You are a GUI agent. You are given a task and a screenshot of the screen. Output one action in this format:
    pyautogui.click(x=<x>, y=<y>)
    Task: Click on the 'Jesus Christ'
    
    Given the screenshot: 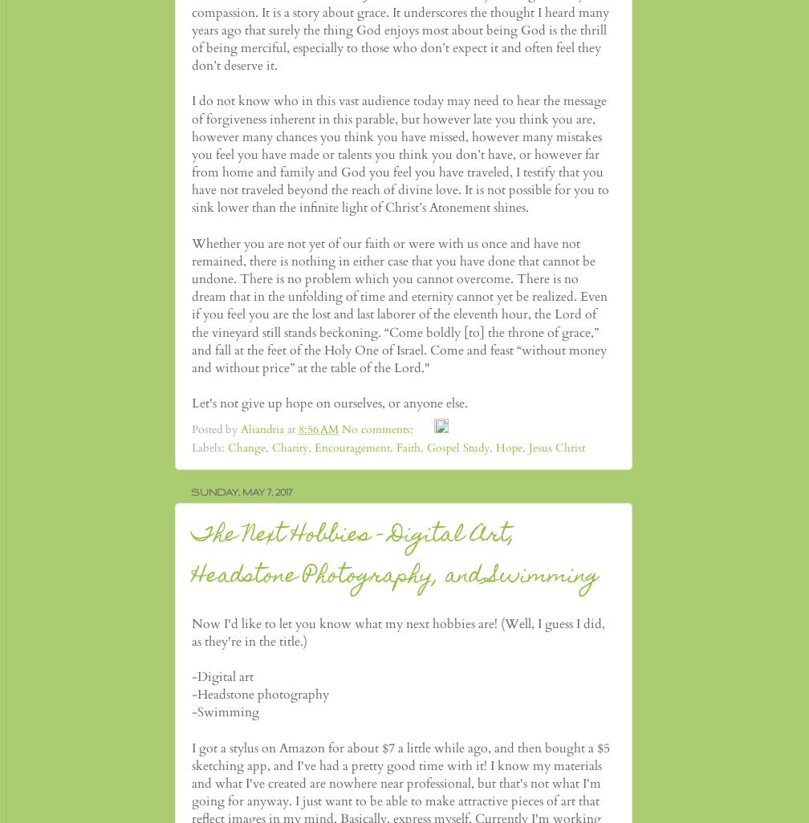 What is the action you would take?
    pyautogui.click(x=557, y=447)
    